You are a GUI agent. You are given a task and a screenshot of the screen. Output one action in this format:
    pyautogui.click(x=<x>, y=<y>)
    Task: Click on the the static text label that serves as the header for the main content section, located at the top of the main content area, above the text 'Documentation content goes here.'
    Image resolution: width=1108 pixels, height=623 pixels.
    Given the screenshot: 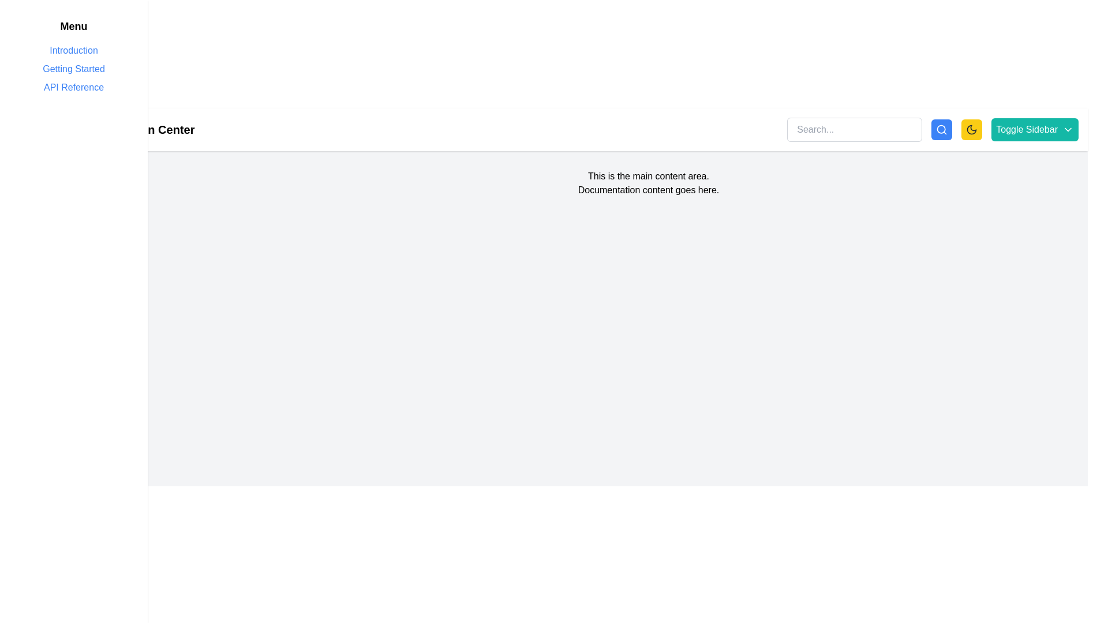 What is the action you would take?
    pyautogui.click(x=648, y=176)
    